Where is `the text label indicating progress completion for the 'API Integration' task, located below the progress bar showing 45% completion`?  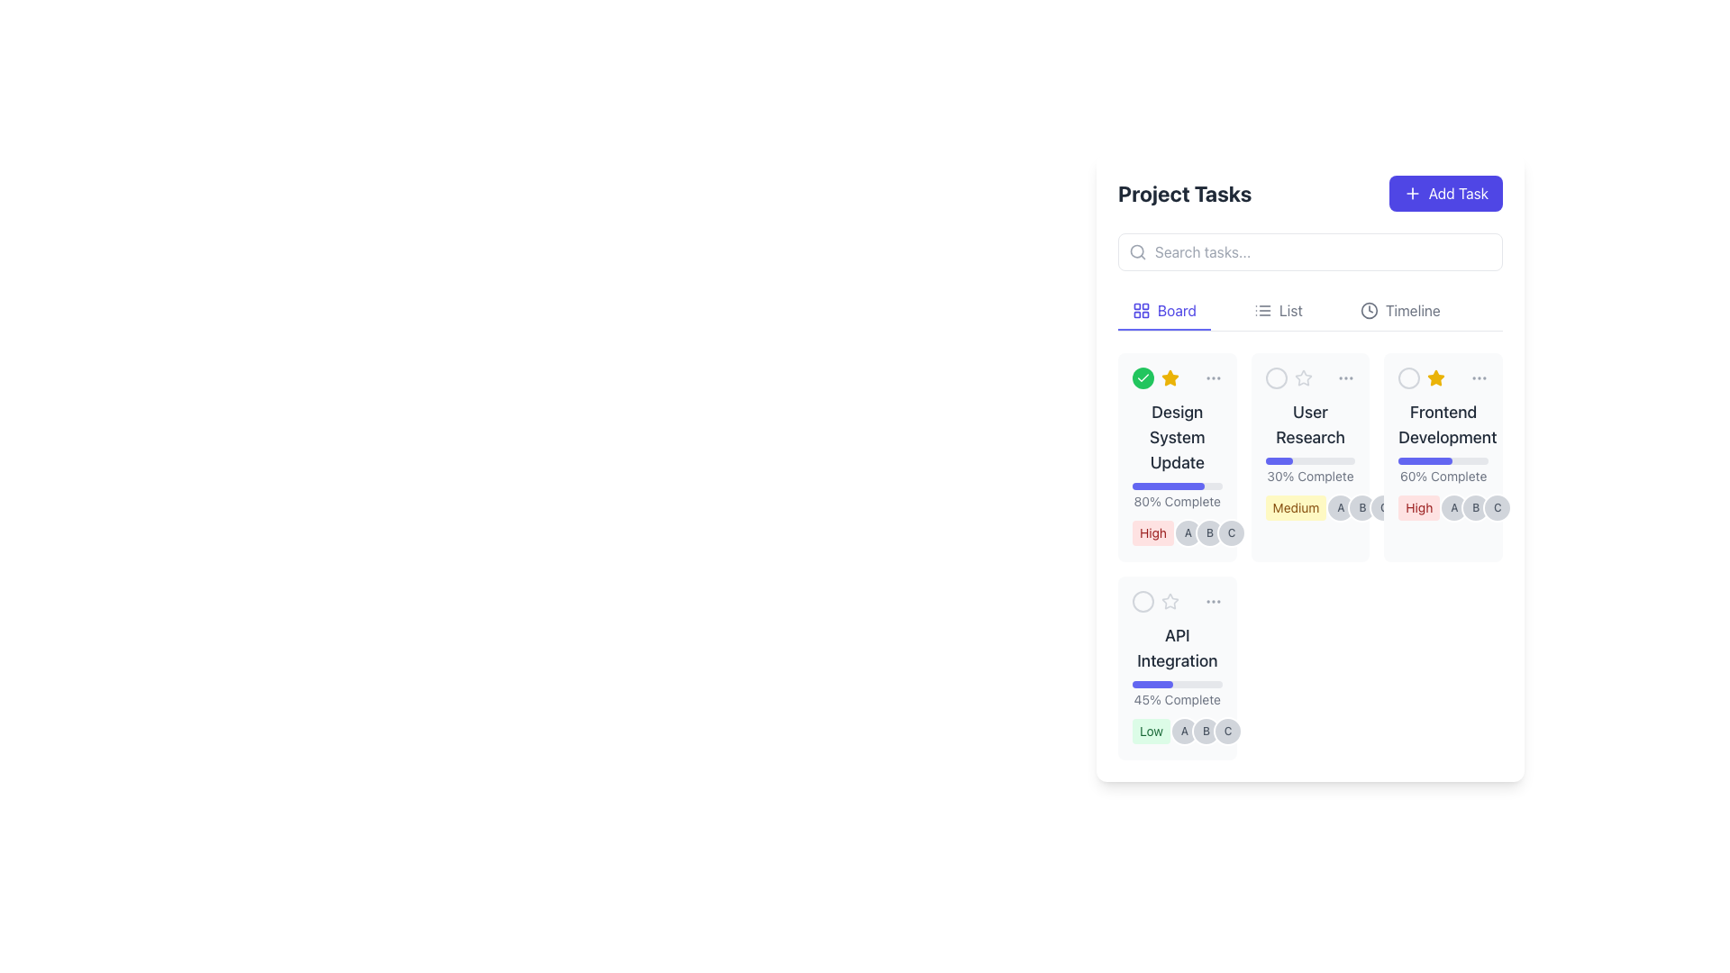 the text label indicating progress completion for the 'API Integration' task, located below the progress bar showing 45% completion is located at coordinates (1177, 698).